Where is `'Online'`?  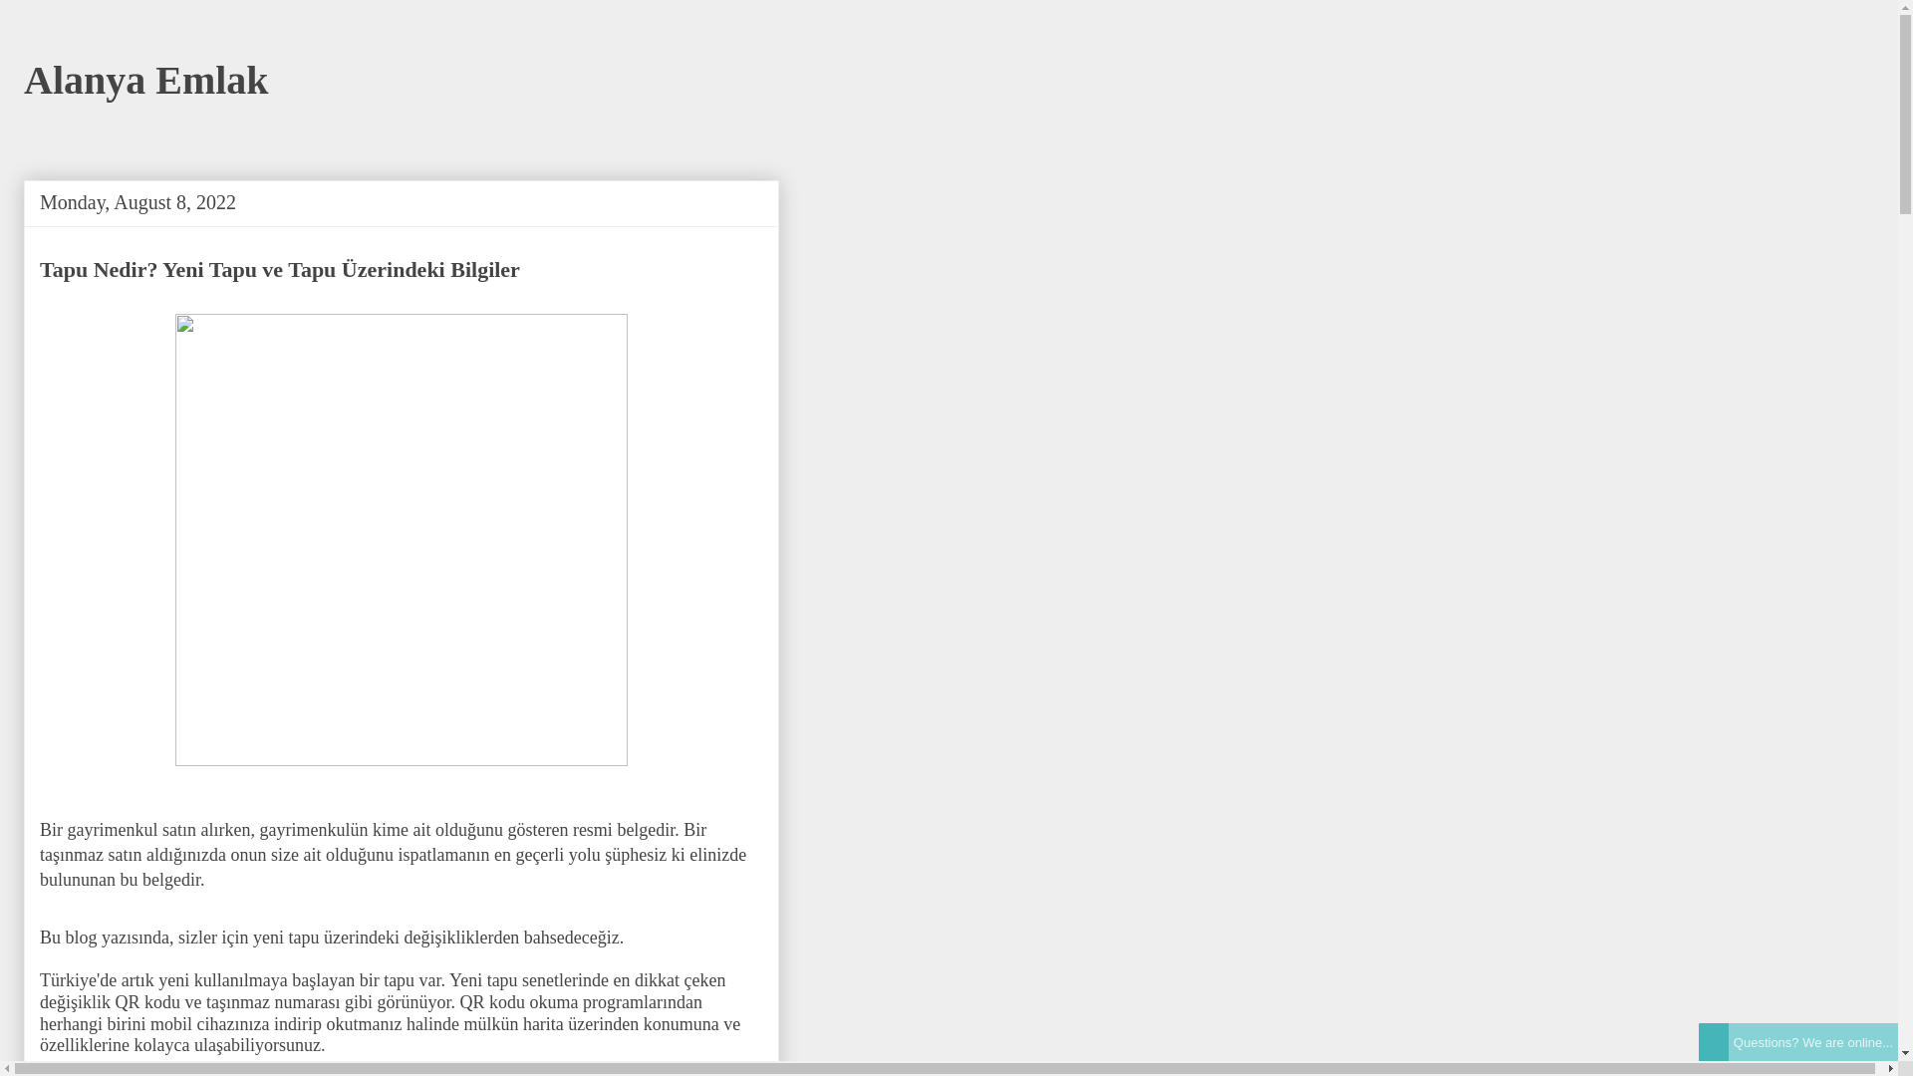
'Online' is located at coordinates (1712, 1040).